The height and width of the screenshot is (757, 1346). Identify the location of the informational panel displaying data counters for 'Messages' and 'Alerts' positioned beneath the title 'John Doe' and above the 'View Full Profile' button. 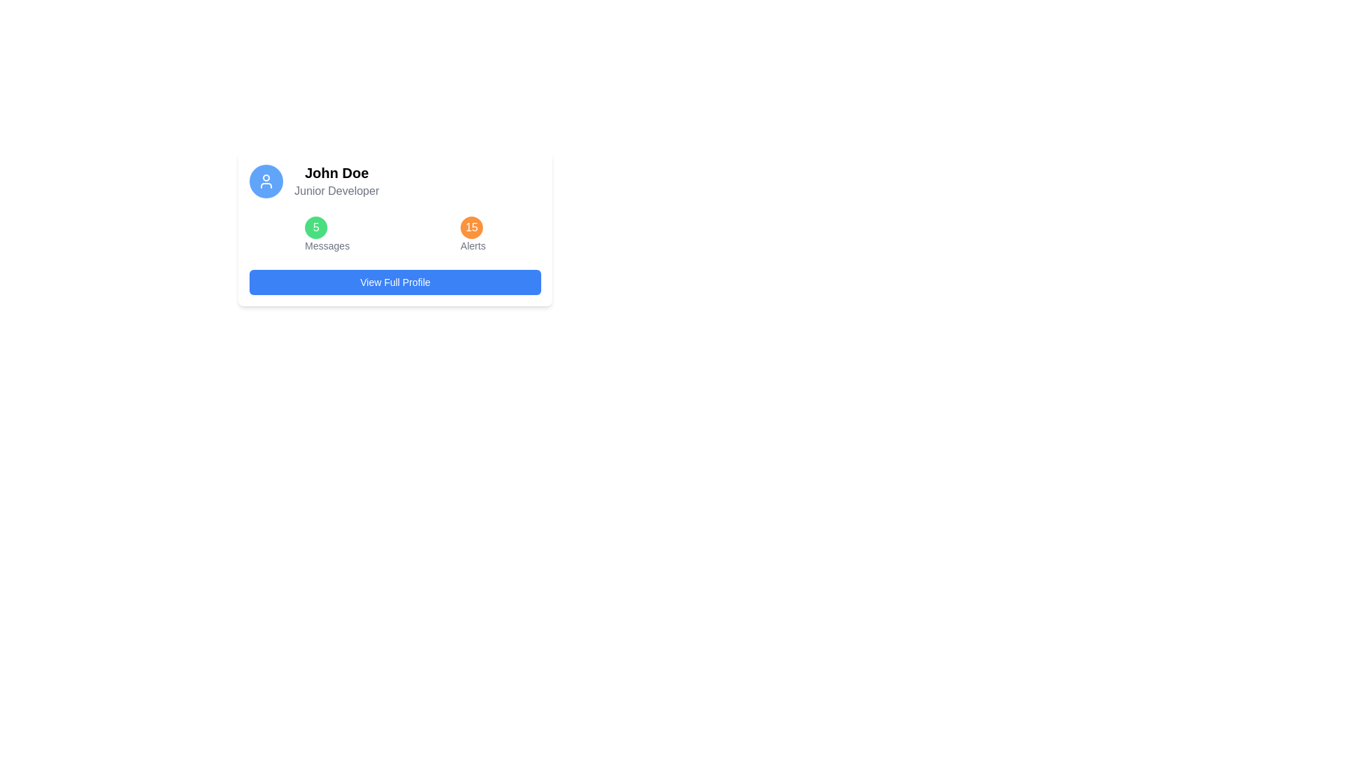
(395, 234).